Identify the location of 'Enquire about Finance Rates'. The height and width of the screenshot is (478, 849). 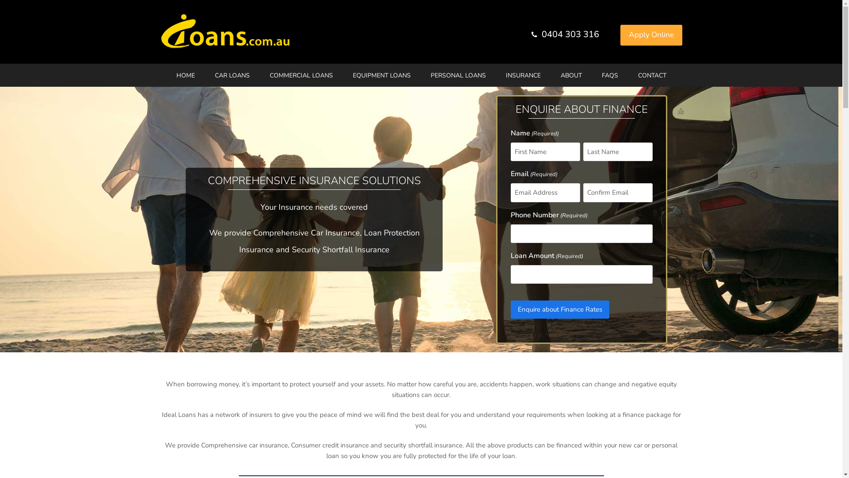
(559, 309).